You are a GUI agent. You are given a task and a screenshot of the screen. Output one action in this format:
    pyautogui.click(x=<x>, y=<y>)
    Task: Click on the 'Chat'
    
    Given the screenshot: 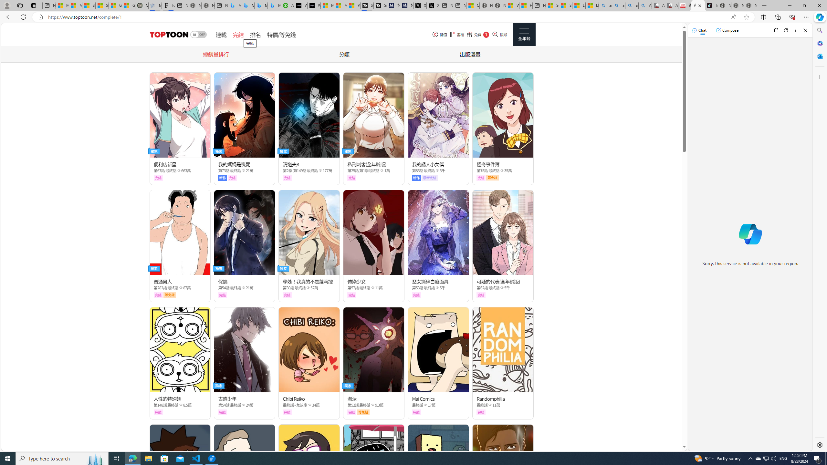 What is the action you would take?
    pyautogui.click(x=699, y=30)
    